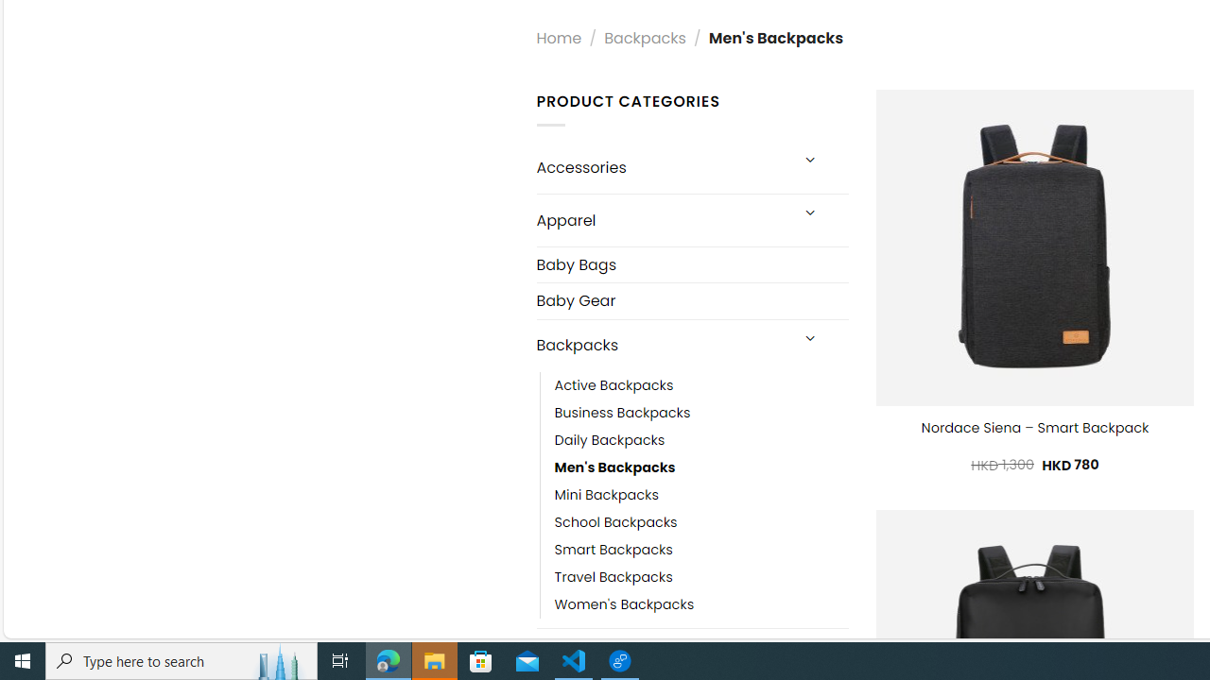 This screenshot has width=1210, height=680. What do you see at coordinates (606, 494) in the screenshot?
I see `'Mini Backpacks'` at bounding box center [606, 494].